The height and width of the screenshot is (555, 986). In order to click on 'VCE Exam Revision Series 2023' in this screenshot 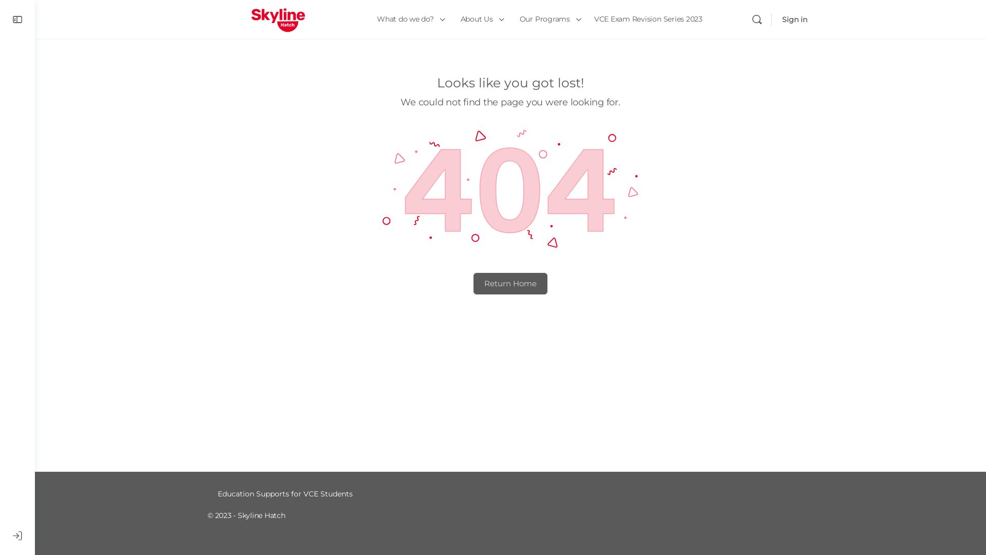, I will do `click(589, 20)`.